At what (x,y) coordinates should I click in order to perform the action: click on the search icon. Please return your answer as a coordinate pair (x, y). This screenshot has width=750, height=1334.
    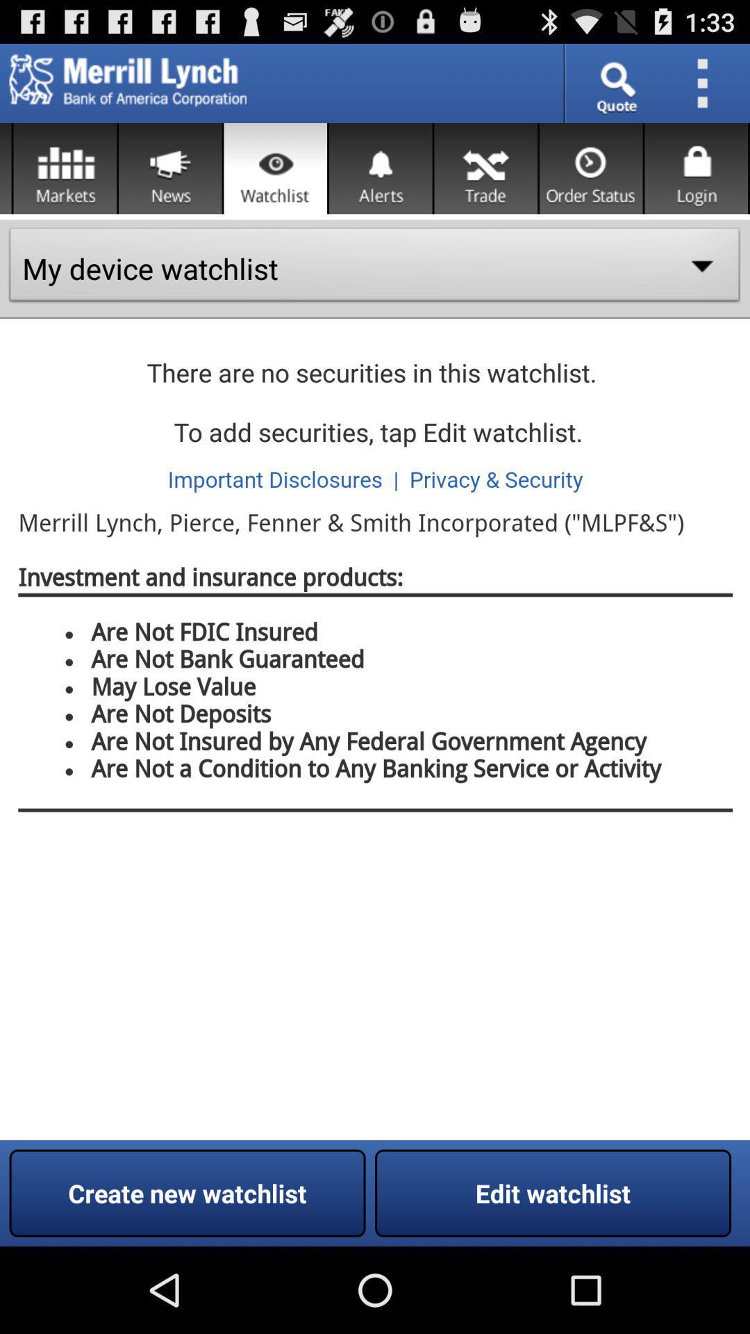
    Looking at the image, I should click on (614, 88).